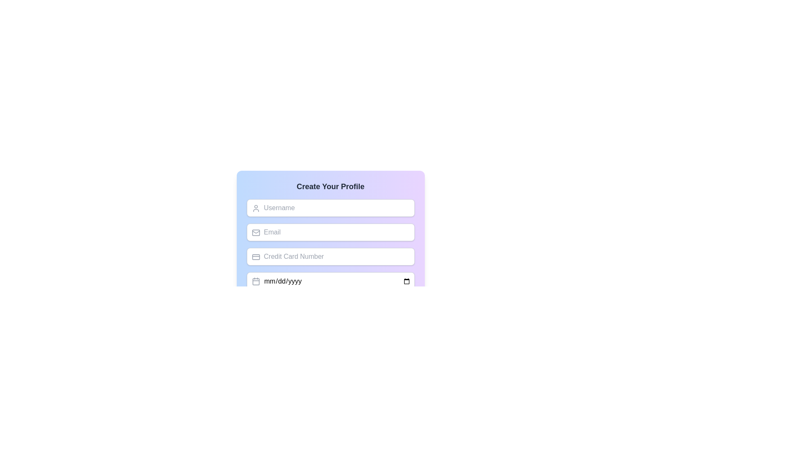 The width and height of the screenshot is (806, 453). Describe the element at coordinates (255, 233) in the screenshot. I see `the decorative rectangular background of the email icon located to the left of the 'Email' input field in the profile creation form` at that location.